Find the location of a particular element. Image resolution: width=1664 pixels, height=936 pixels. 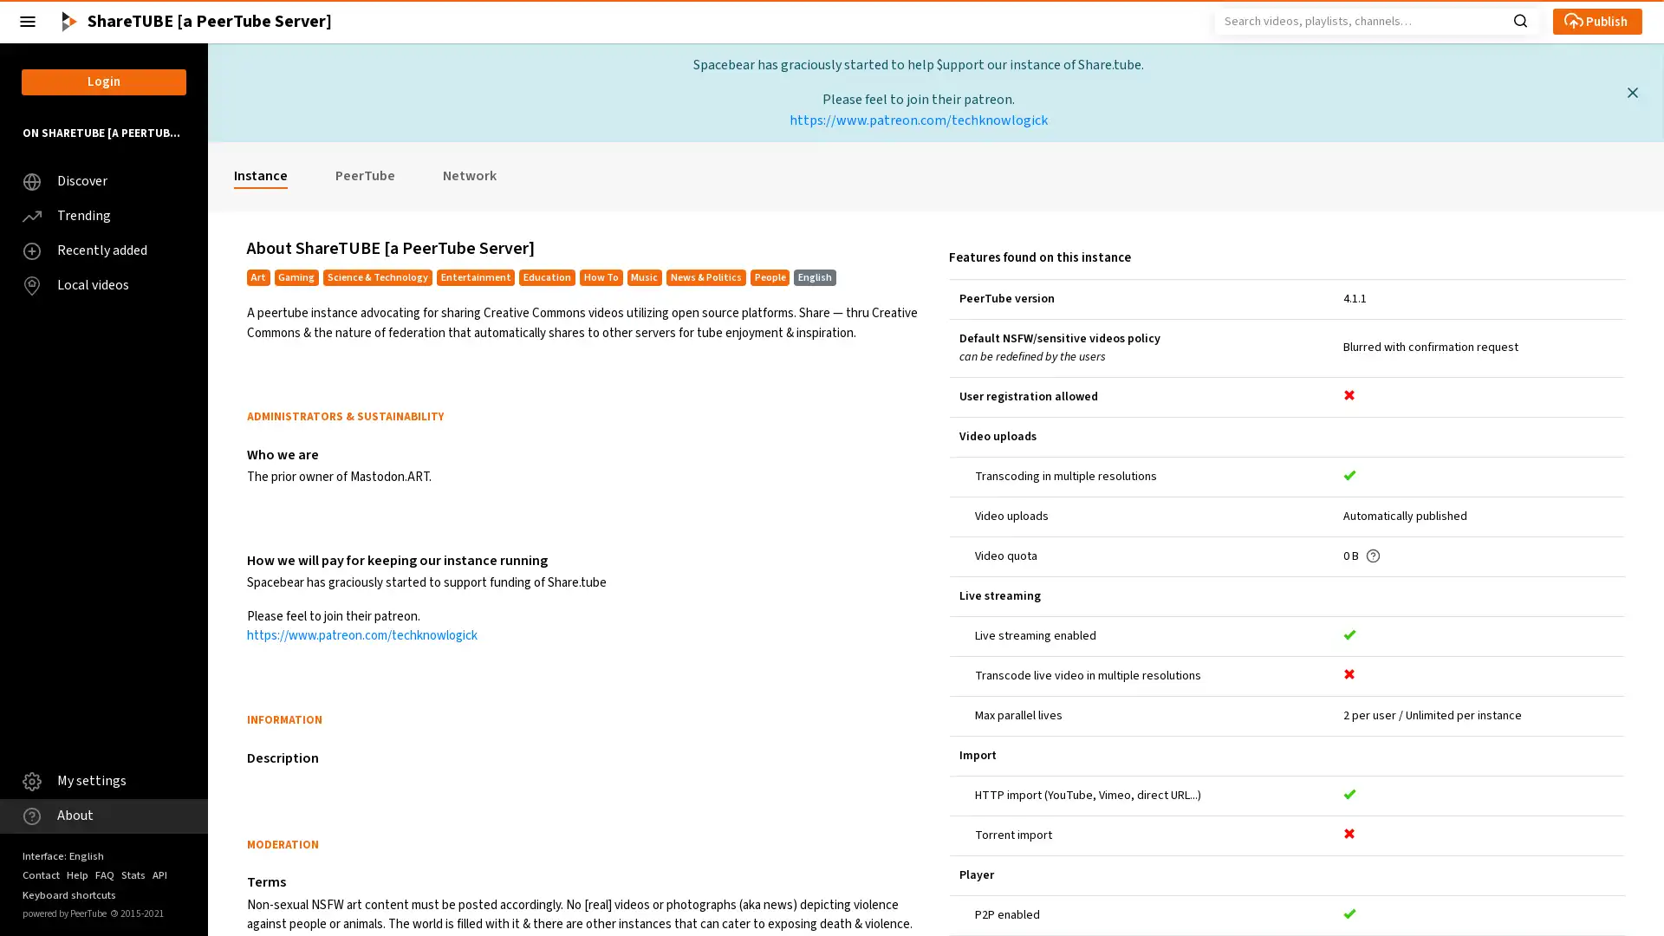

Get help is located at coordinates (1372, 555).